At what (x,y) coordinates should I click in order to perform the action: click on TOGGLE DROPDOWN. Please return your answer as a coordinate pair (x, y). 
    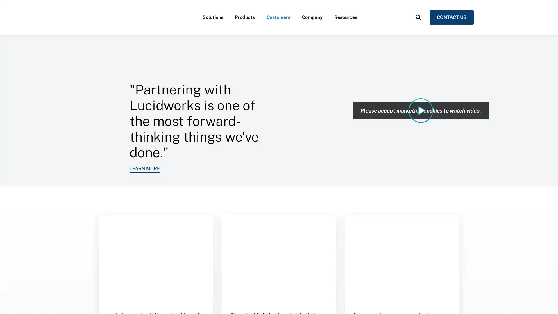
    Looking at the image, I should click on (418, 30).